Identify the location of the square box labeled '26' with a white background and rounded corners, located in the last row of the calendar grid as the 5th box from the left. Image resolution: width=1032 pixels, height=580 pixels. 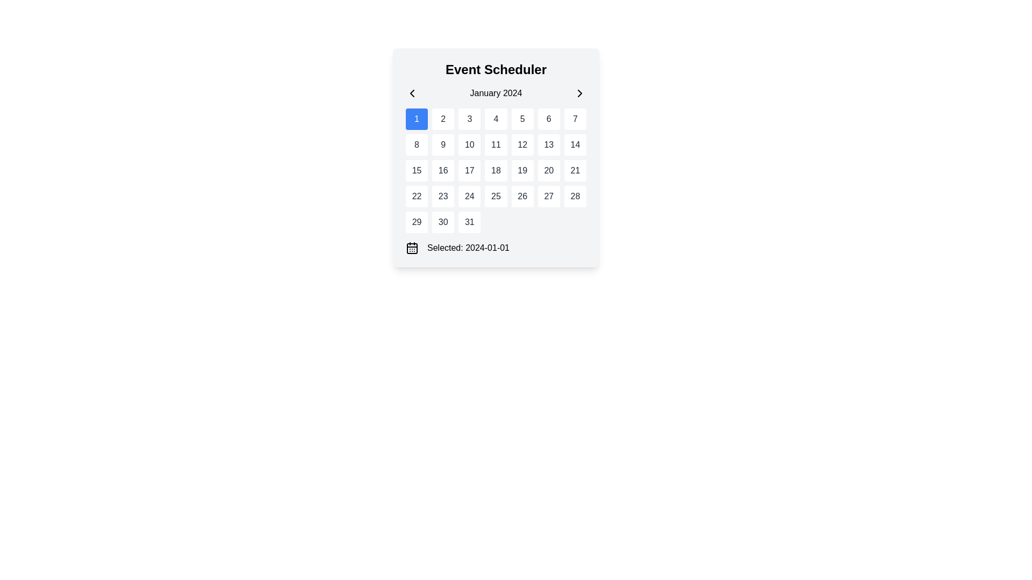
(522, 197).